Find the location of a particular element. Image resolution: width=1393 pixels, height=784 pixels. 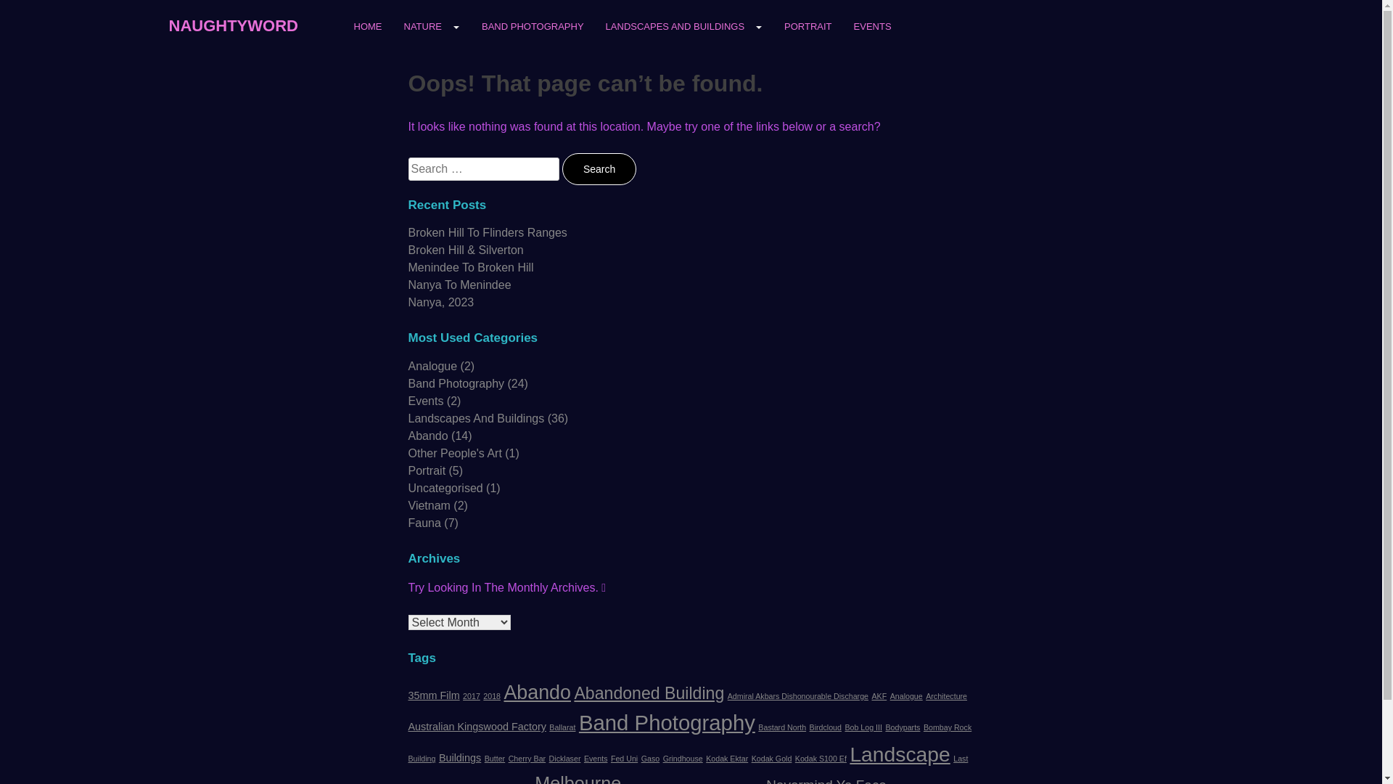

'Architecture' is located at coordinates (946, 695).